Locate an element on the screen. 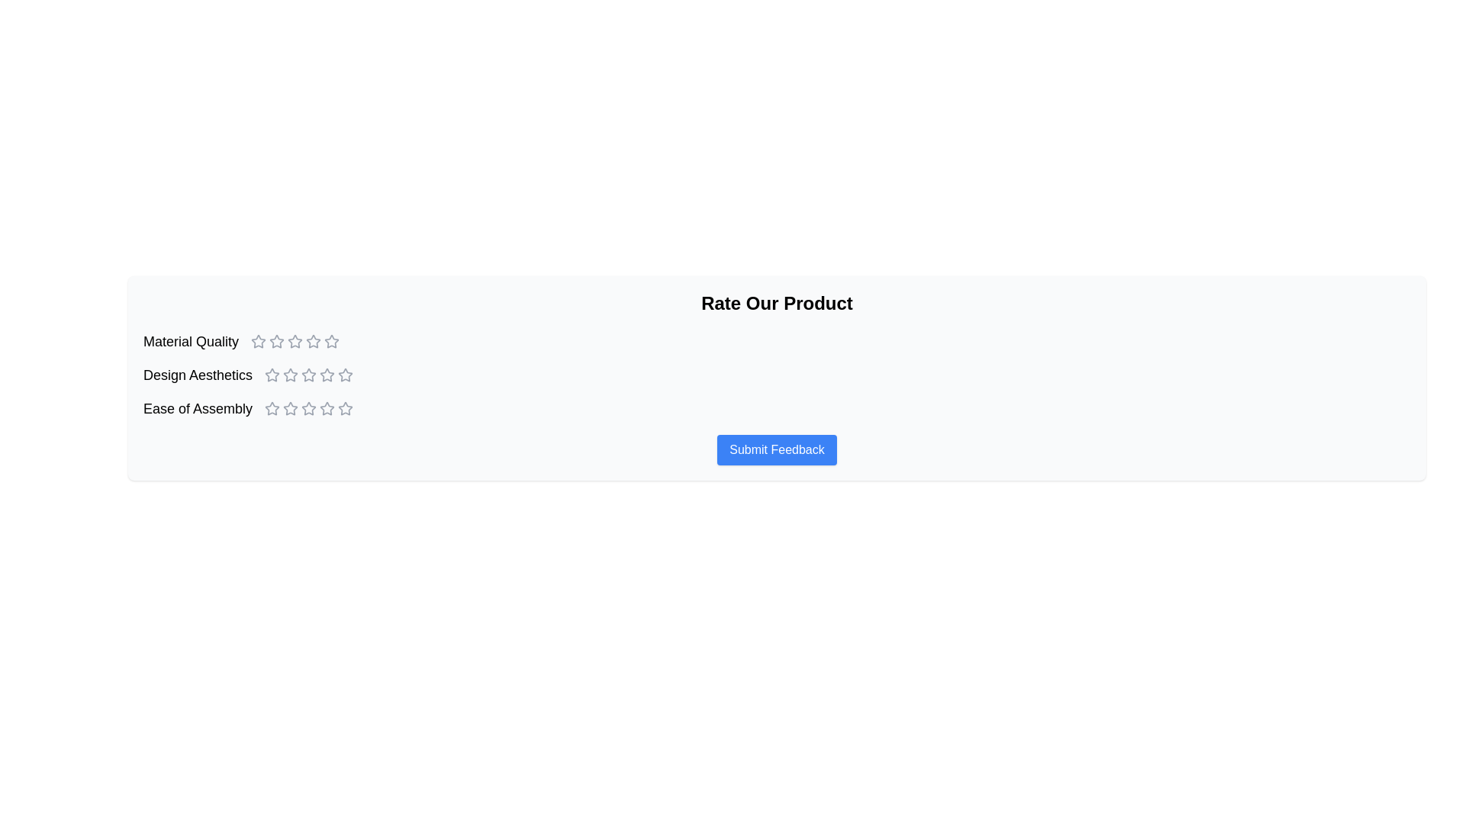 The width and height of the screenshot is (1465, 824). the third star icon is located at coordinates (307, 408).